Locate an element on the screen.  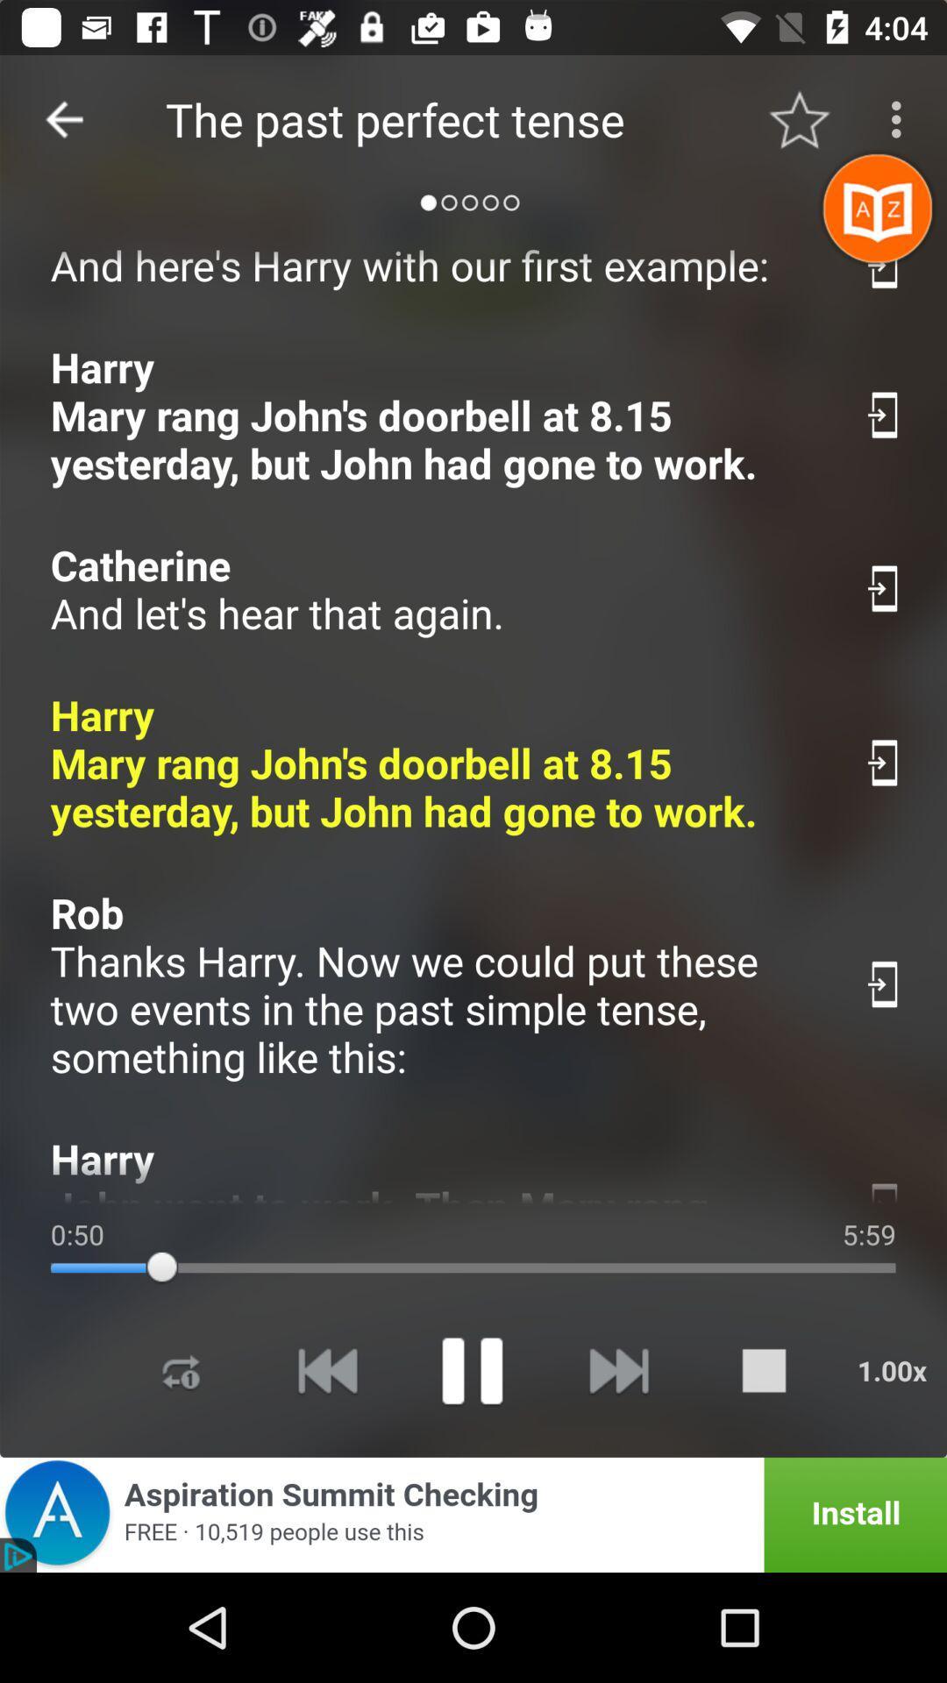
send to phone is located at coordinates (885, 984).